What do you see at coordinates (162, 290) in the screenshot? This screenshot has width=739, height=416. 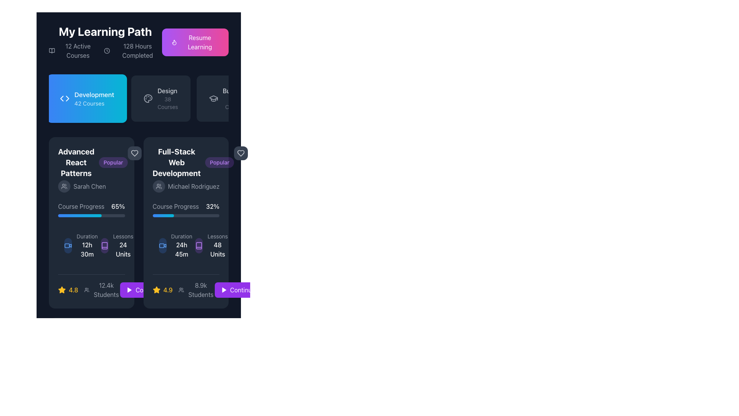 I see `the rating value displayed as '4.9' next to the yellow star icon in the lower left section of the second card for the 'Full-Stack Web Development' course` at bounding box center [162, 290].